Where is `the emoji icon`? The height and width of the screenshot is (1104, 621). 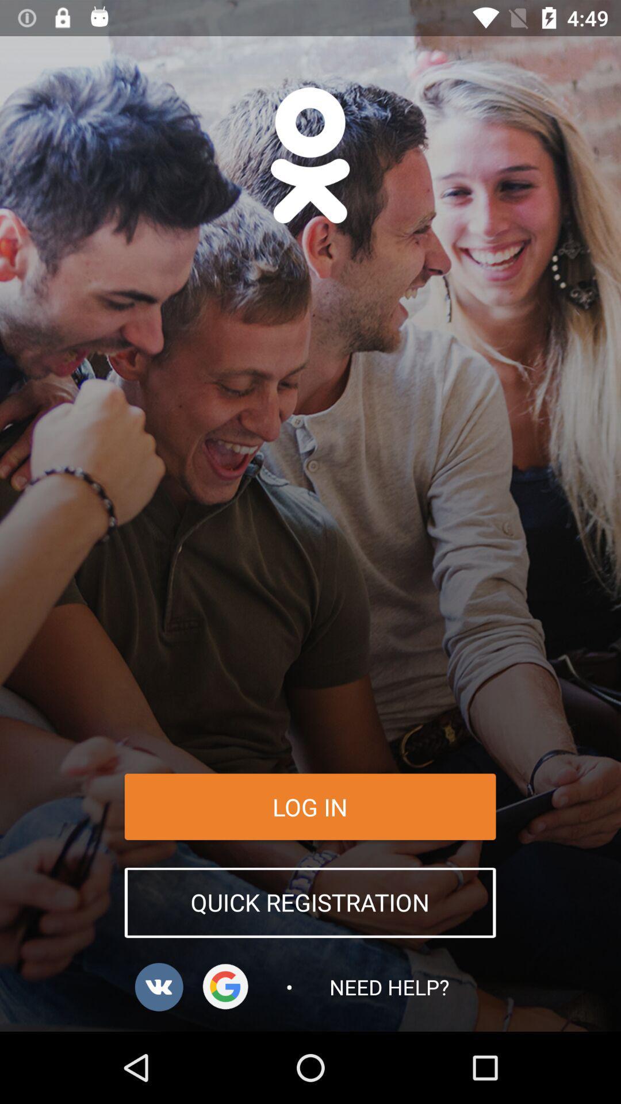
the emoji icon is located at coordinates (309, 155).